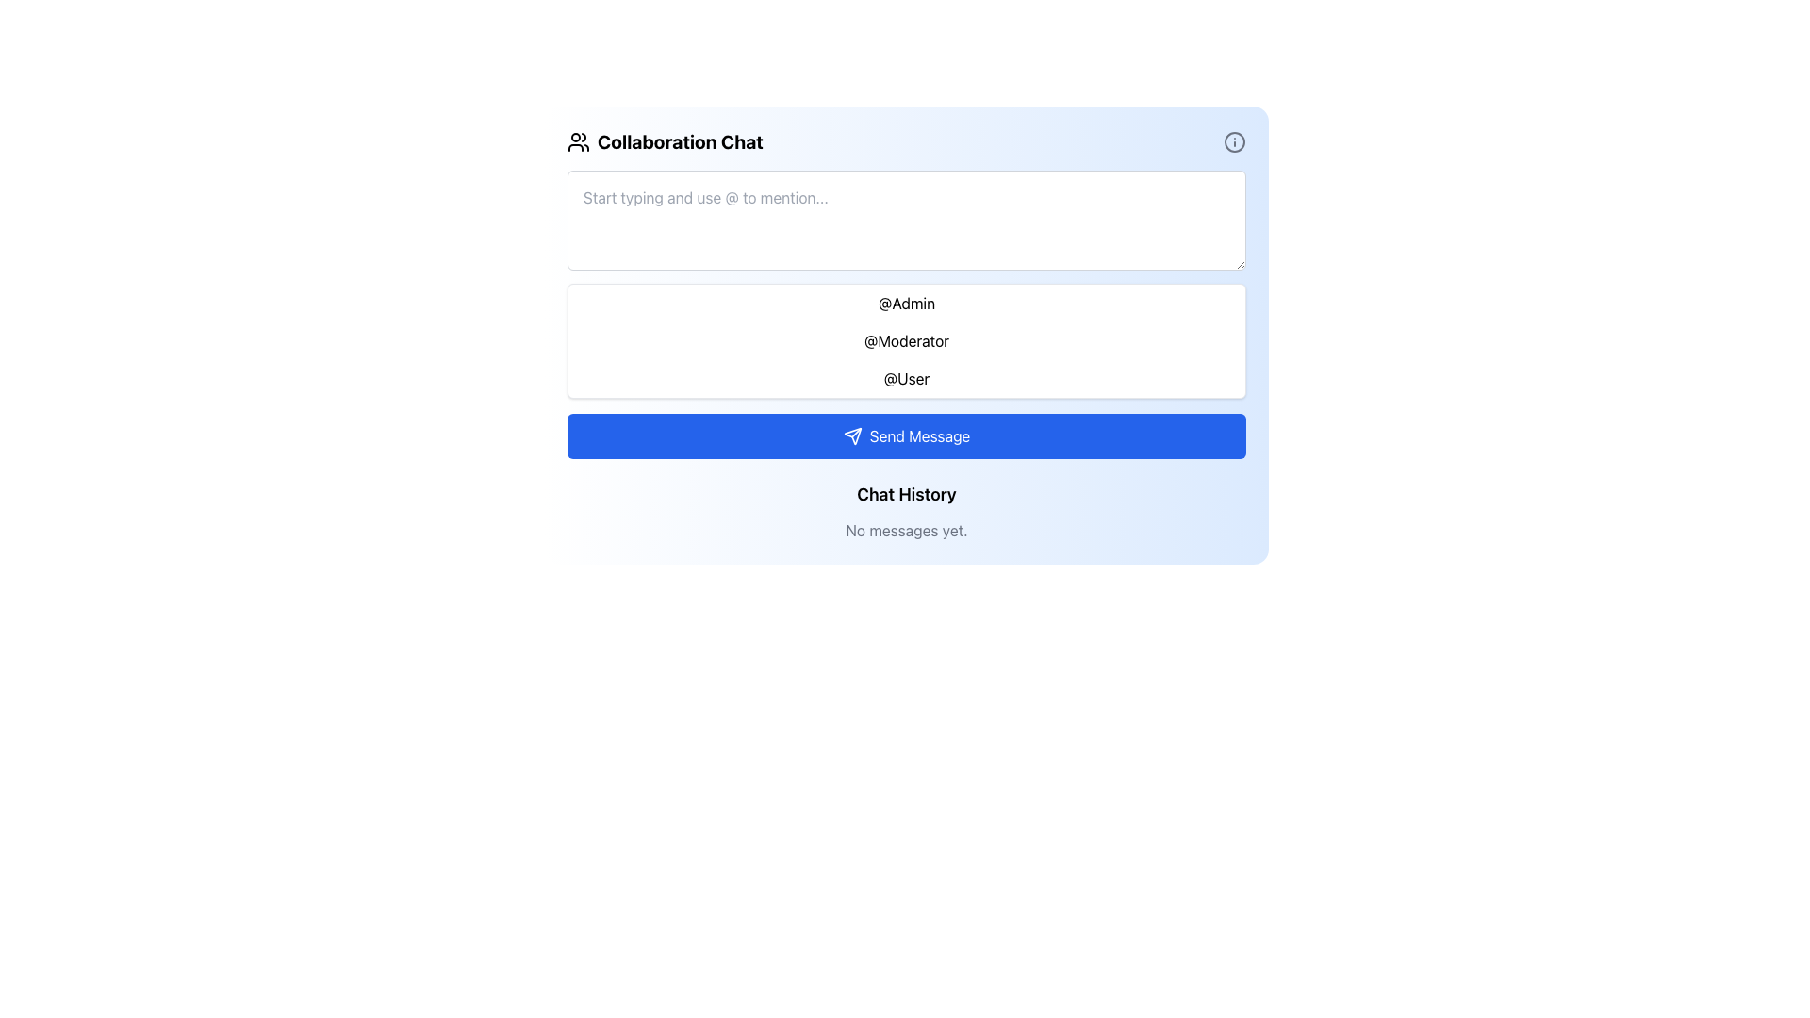 The height and width of the screenshot is (1018, 1810). I want to click on the header text label indicating the chat history, which is centrally aligned below the 'Send Message' button and above the text 'No messages yet.', so click(906, 493).